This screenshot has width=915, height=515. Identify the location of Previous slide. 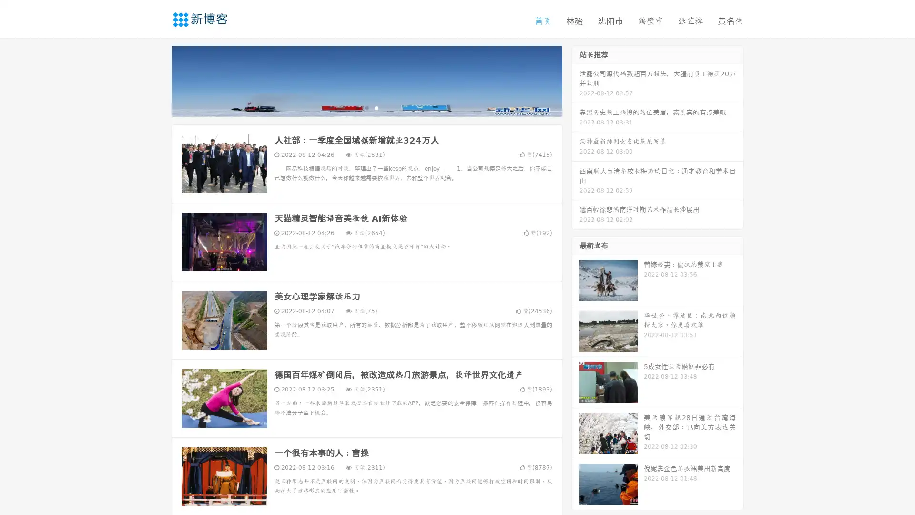
(157, 80).